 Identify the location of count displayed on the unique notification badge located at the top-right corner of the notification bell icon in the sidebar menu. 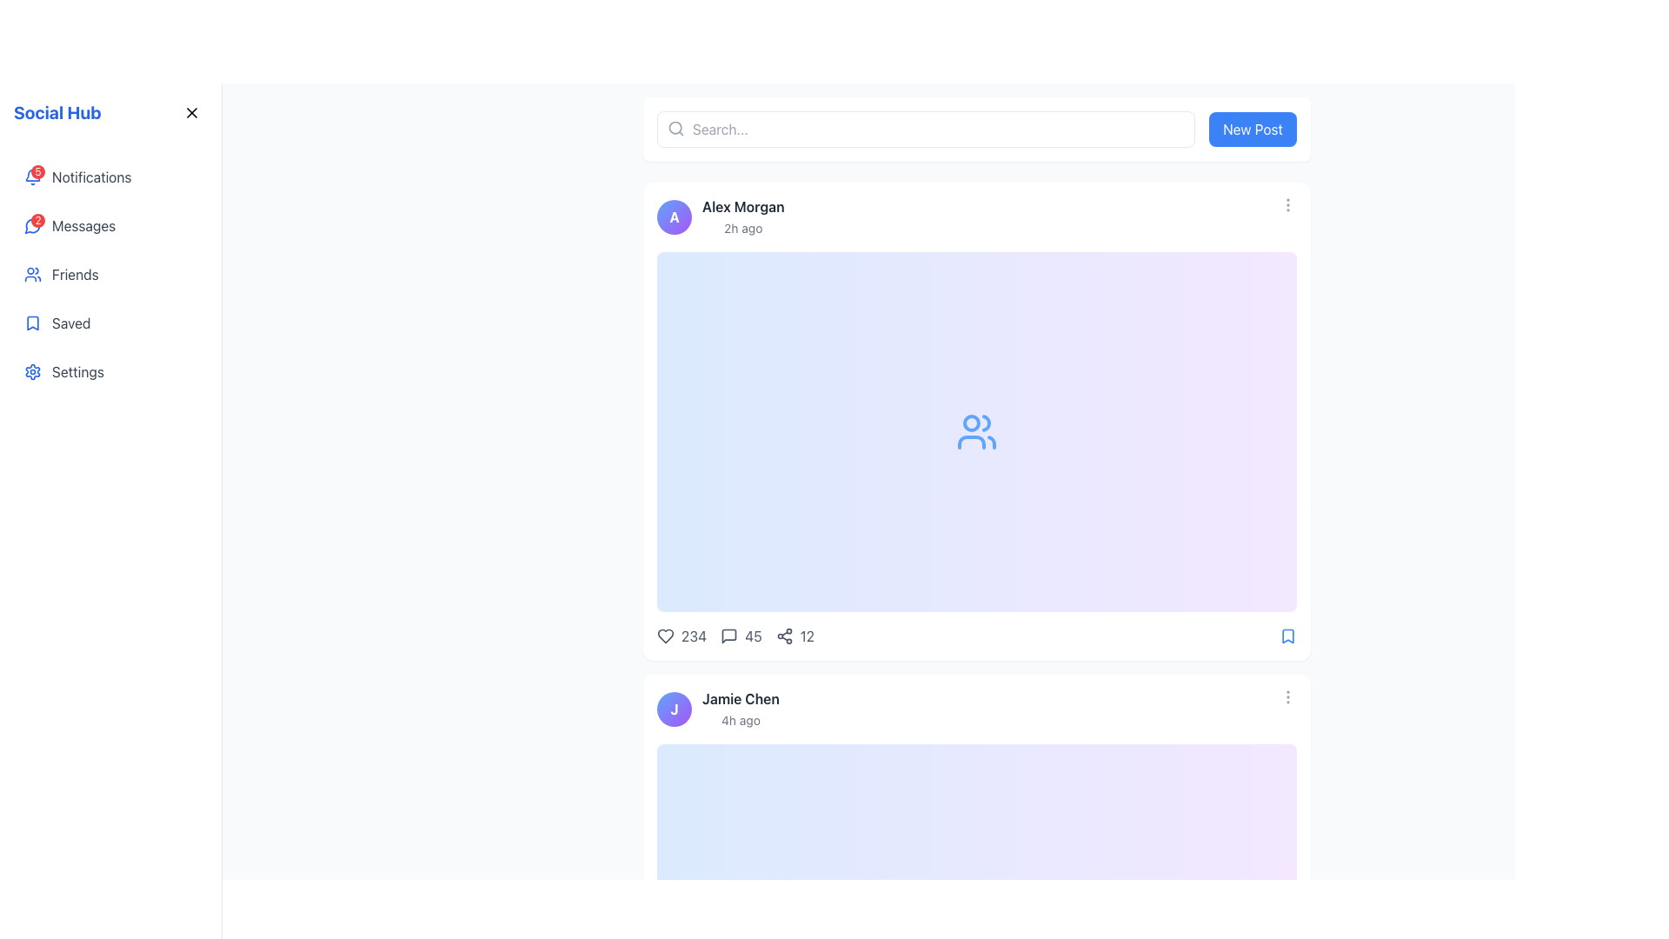
(37, 171).